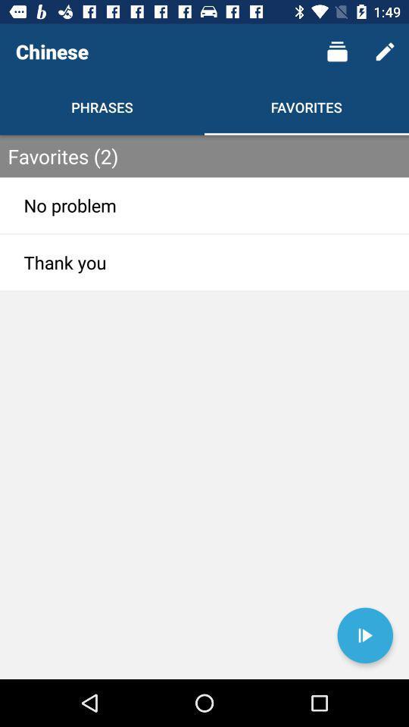  I want to click on the icon above favorites (2), so click(385, 51).